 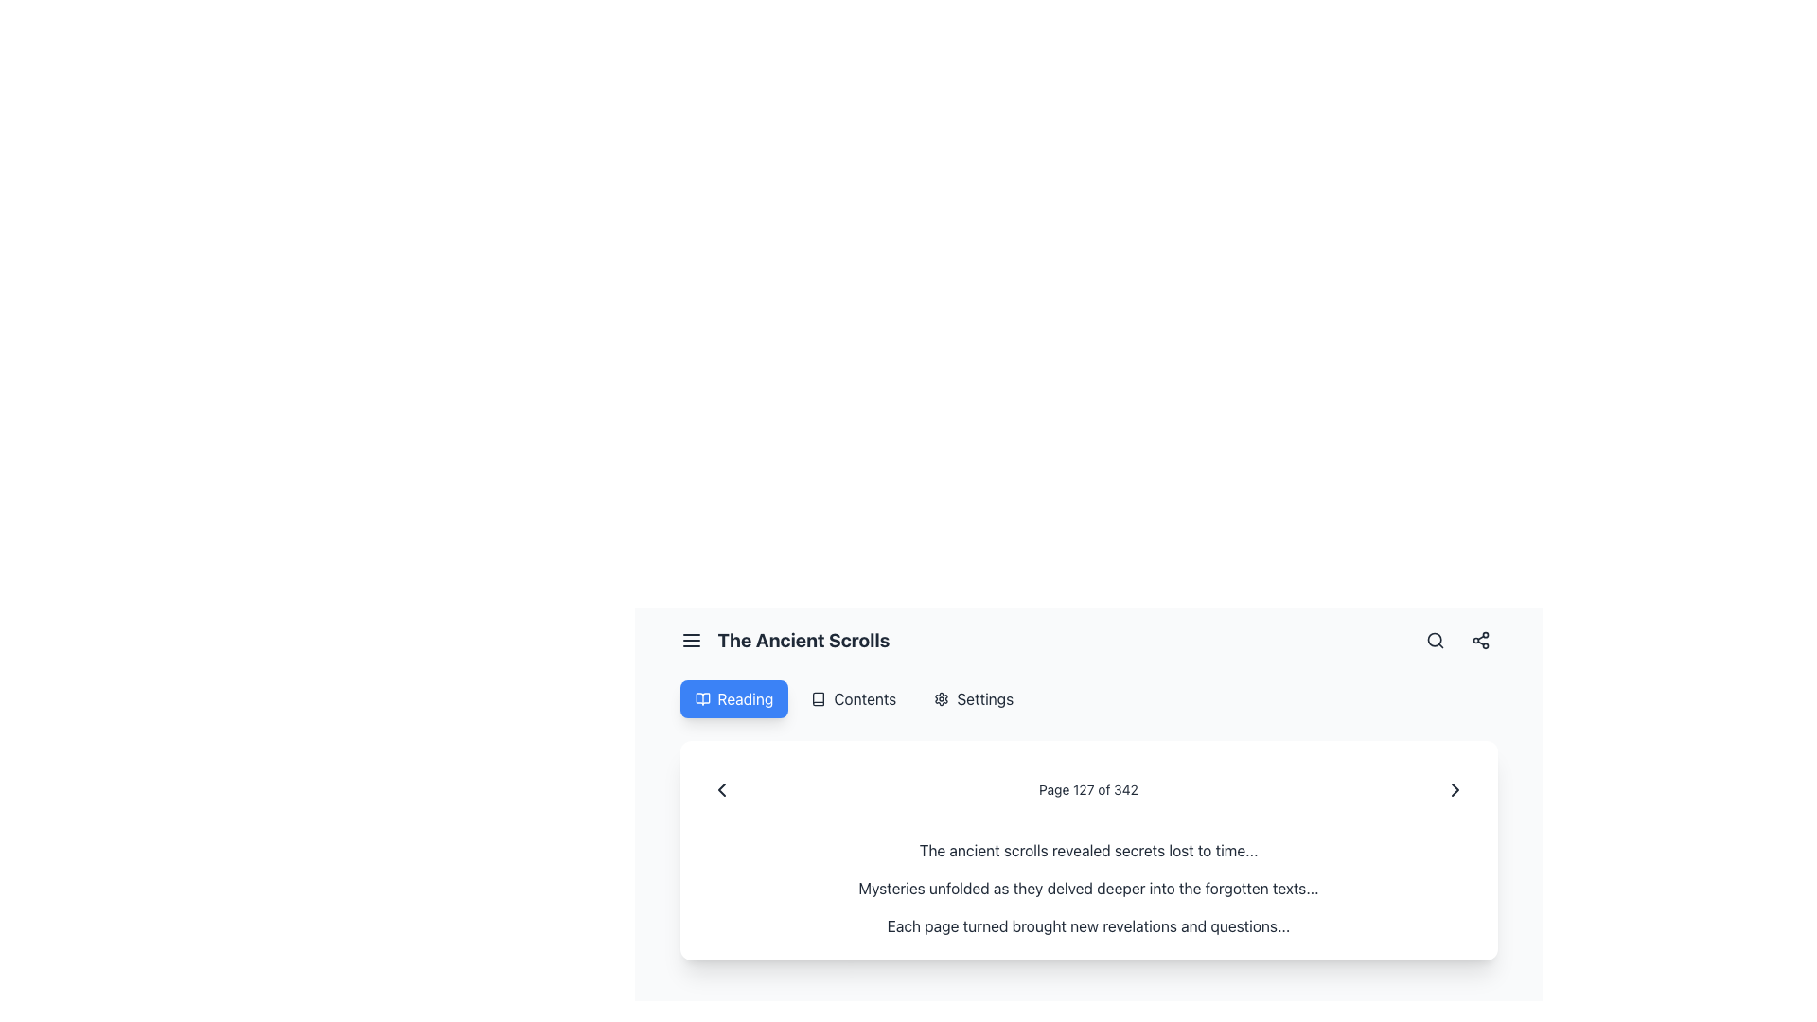 What do you see at coordinates (1088, 849) in the screenshot?
I see `the text element that reads 'The ancient scrolls revealed secrets lost to time...' which is the first line of a list in a centered textual block` at bounding box center [1088, 849].